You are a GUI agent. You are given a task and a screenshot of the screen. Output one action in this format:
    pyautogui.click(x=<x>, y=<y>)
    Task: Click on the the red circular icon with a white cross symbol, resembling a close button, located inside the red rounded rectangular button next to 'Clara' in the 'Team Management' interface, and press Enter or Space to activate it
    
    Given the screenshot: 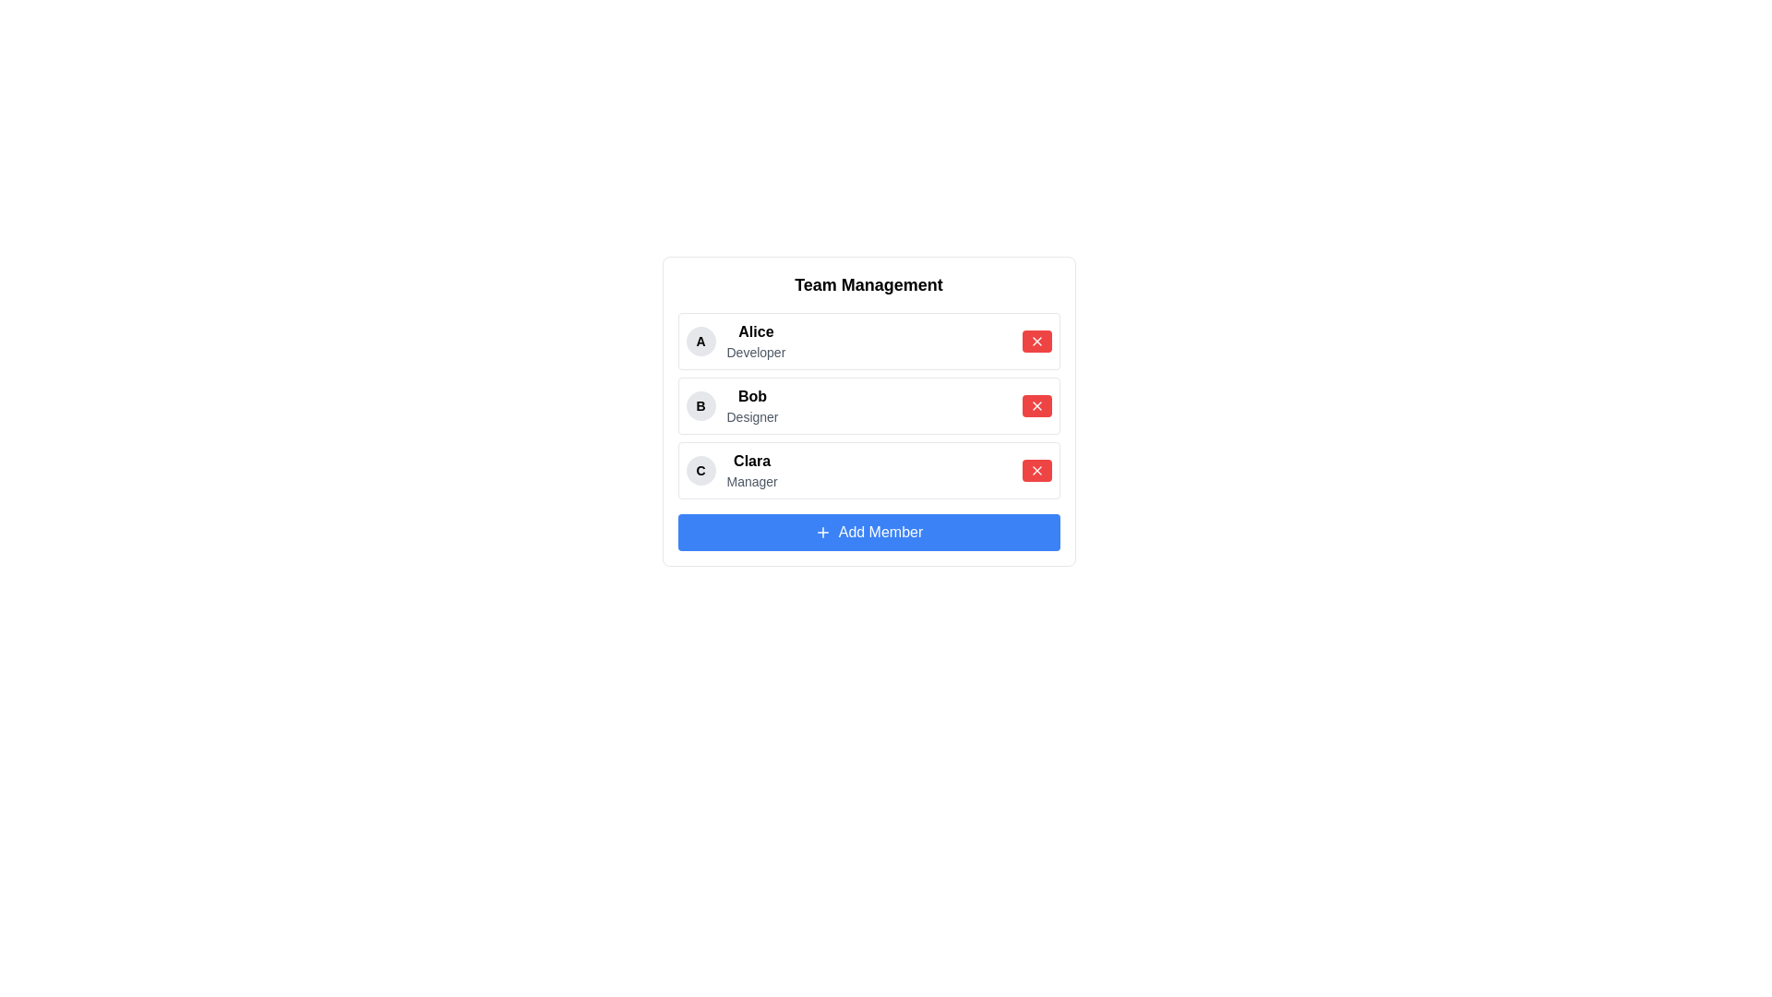 What is the action you would take?
    pyautogui.click(x=1036, y=469)
    